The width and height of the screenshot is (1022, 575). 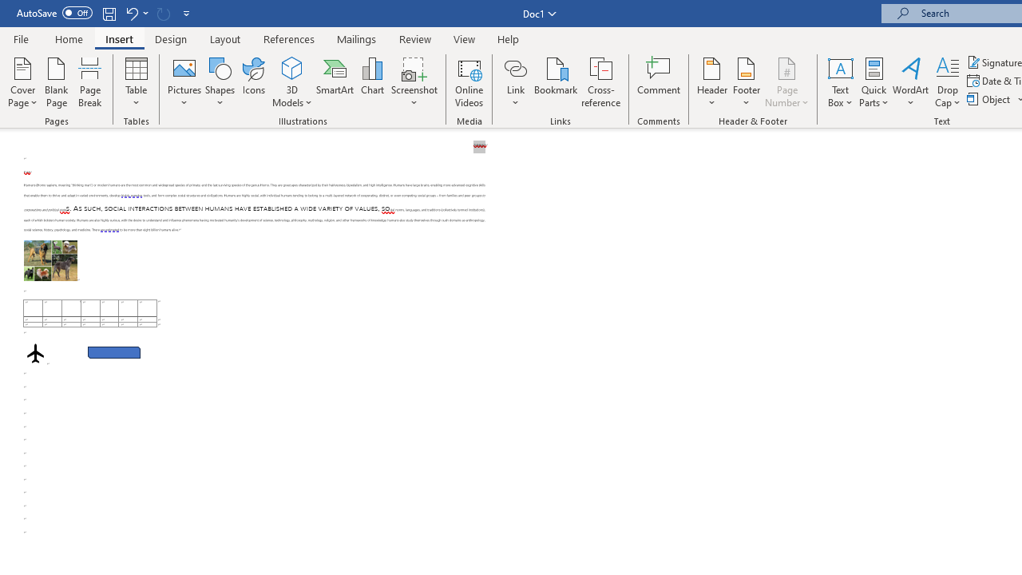 What do you see at coordinates (515, 82) in the screenshot?
I see `'Link'` at bounding box center [515, 82].